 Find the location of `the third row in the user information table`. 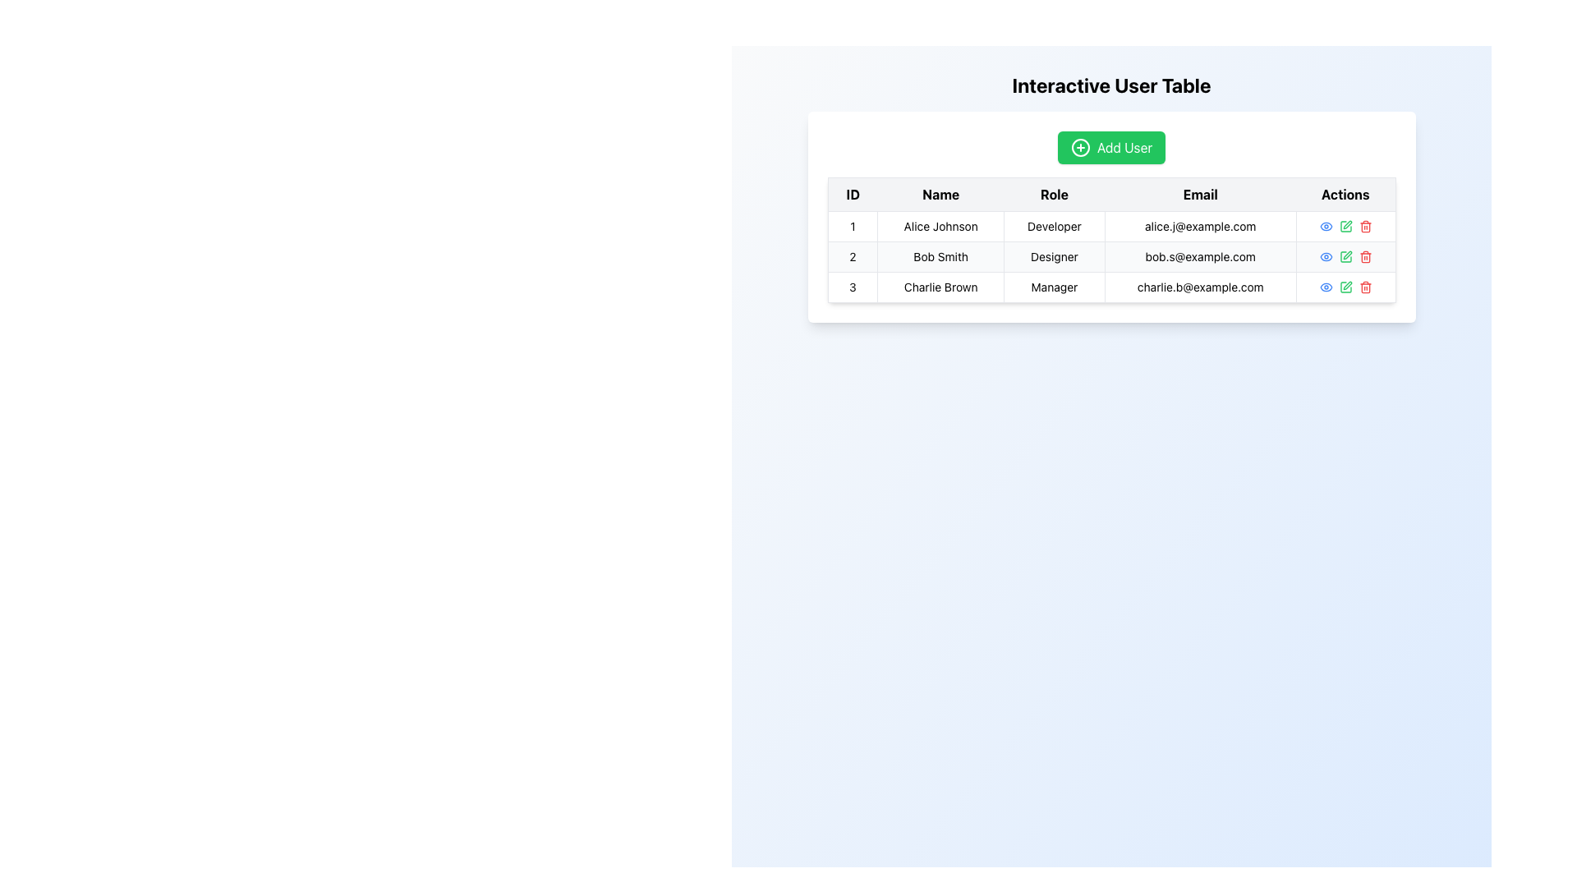

the third row in the user information table is located at coordinates (1111, 287).